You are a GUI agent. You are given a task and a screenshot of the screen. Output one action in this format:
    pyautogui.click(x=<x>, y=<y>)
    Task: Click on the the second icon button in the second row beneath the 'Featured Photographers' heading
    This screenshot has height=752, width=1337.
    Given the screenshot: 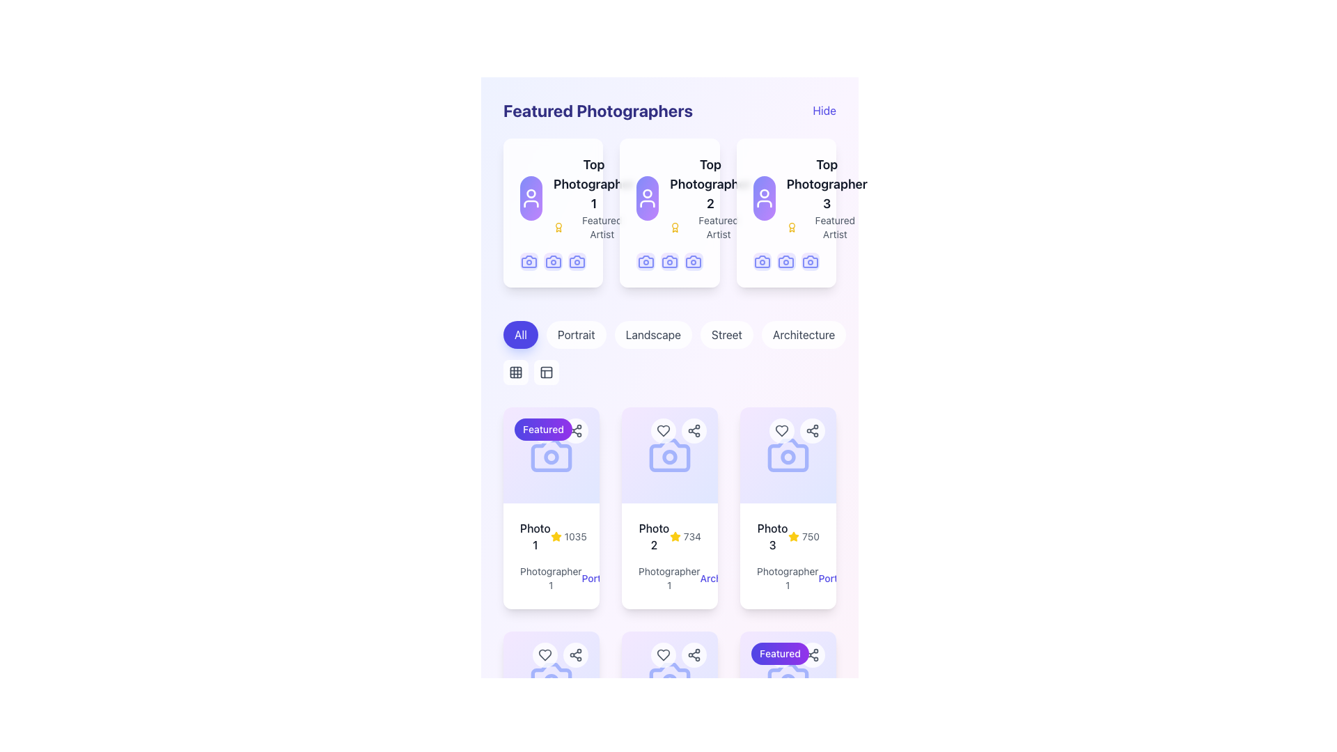 What is the action you would take?
    pyautogui.click(x=515, y=372)
    